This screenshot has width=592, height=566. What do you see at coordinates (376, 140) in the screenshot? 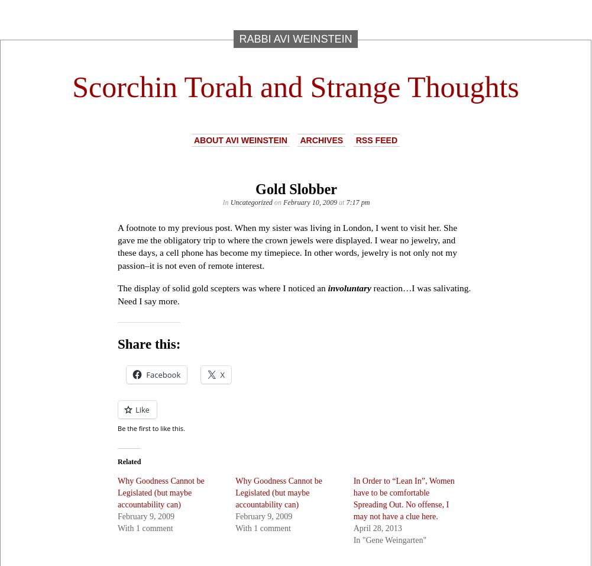
I see `'RSS Feed'` at bounding box center [376, 140].